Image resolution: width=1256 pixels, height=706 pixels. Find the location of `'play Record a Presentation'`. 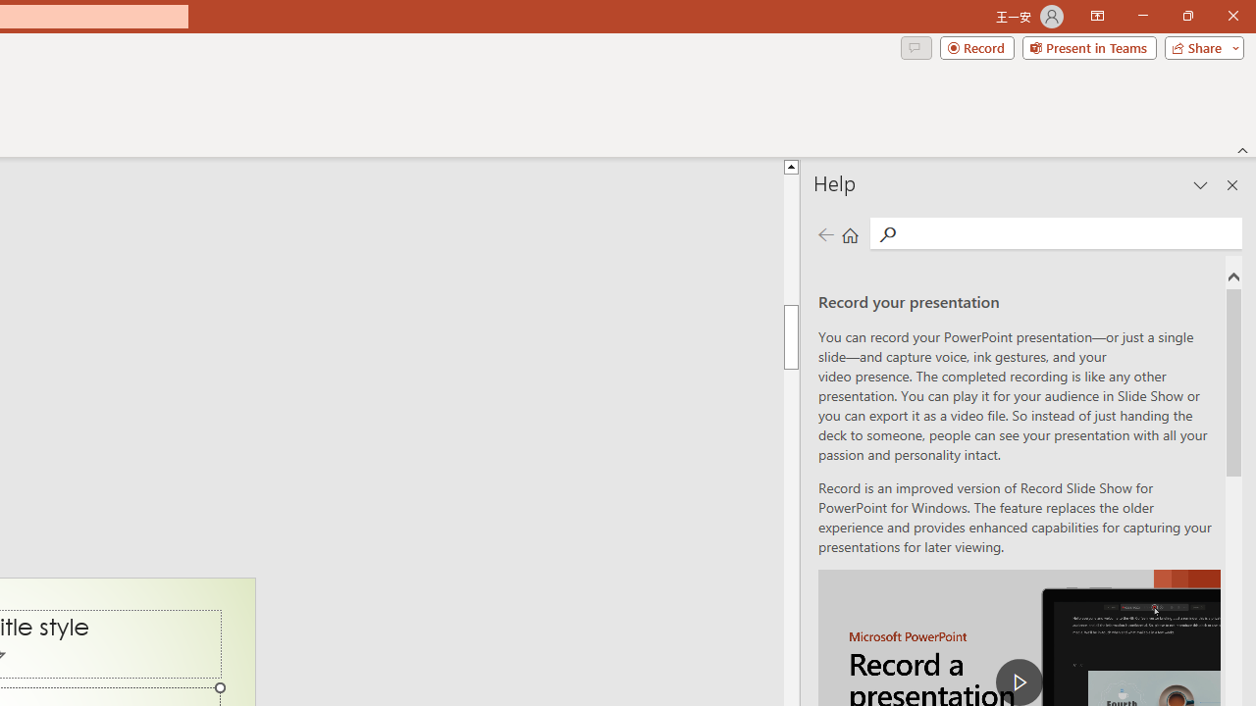

'play Record a Presentation' is located at coordinates (1019, 681).